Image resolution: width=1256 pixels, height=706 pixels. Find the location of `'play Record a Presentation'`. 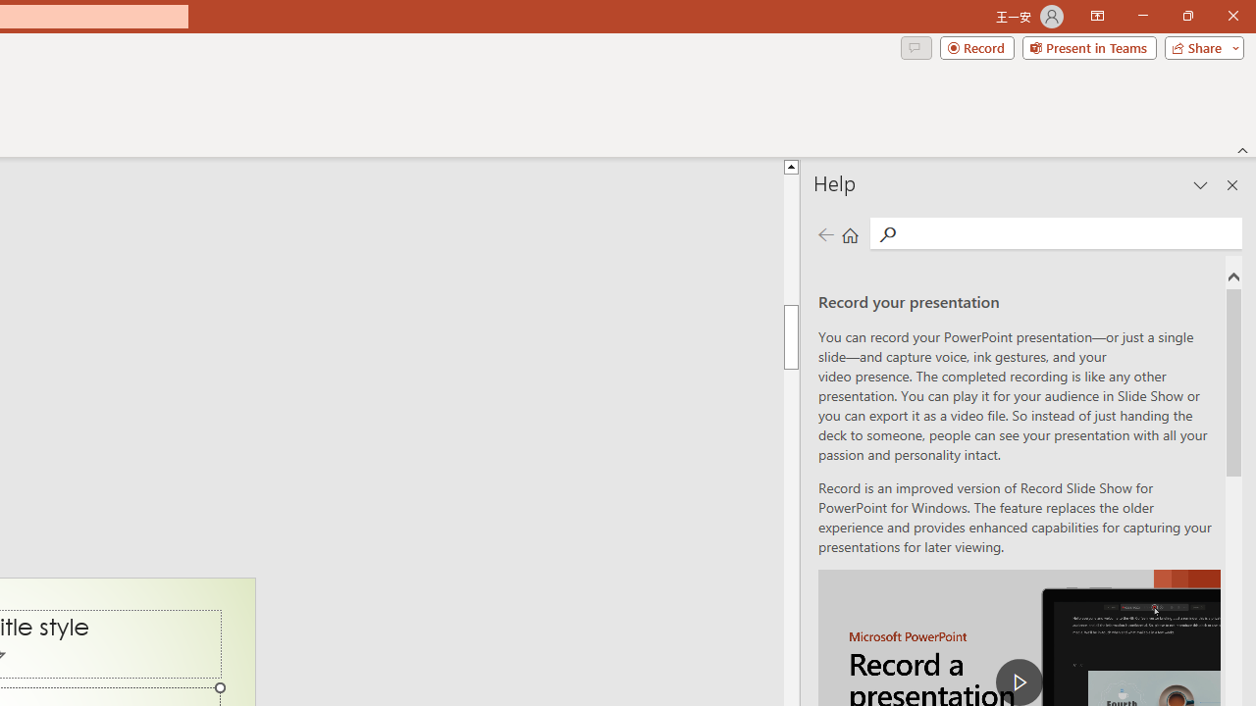

'play Record a Presentation' is located at coordinates (1019, 681).